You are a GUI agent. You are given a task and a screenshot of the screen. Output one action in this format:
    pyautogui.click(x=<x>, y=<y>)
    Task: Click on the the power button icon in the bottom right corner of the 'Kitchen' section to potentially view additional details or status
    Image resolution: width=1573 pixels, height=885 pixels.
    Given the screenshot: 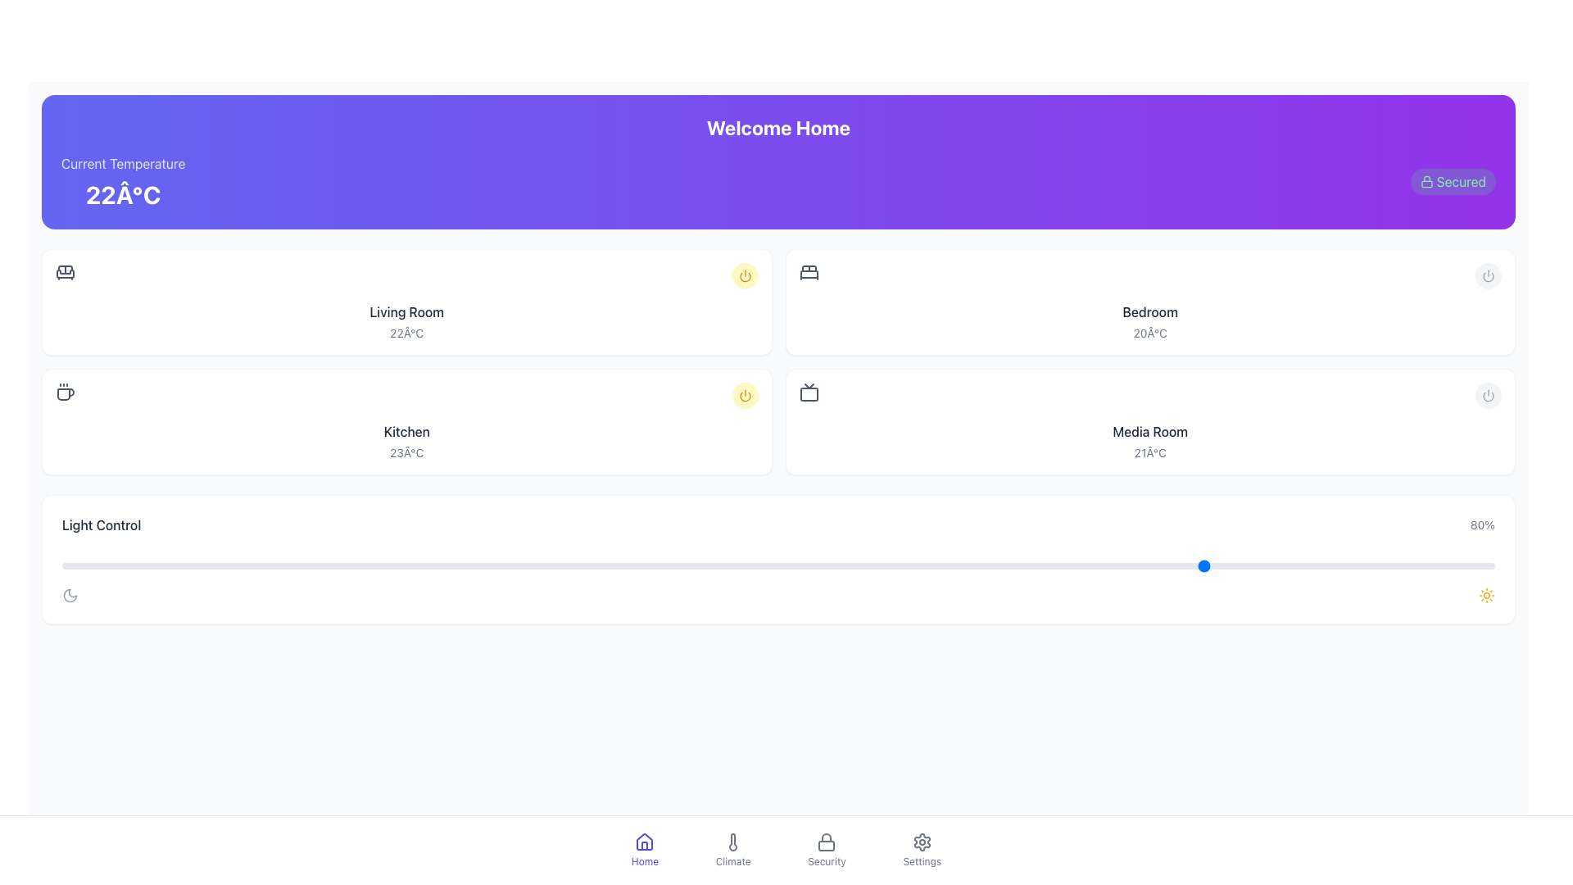 What is the action you would take?
    pyautogui.click(x=744, y=276)
    